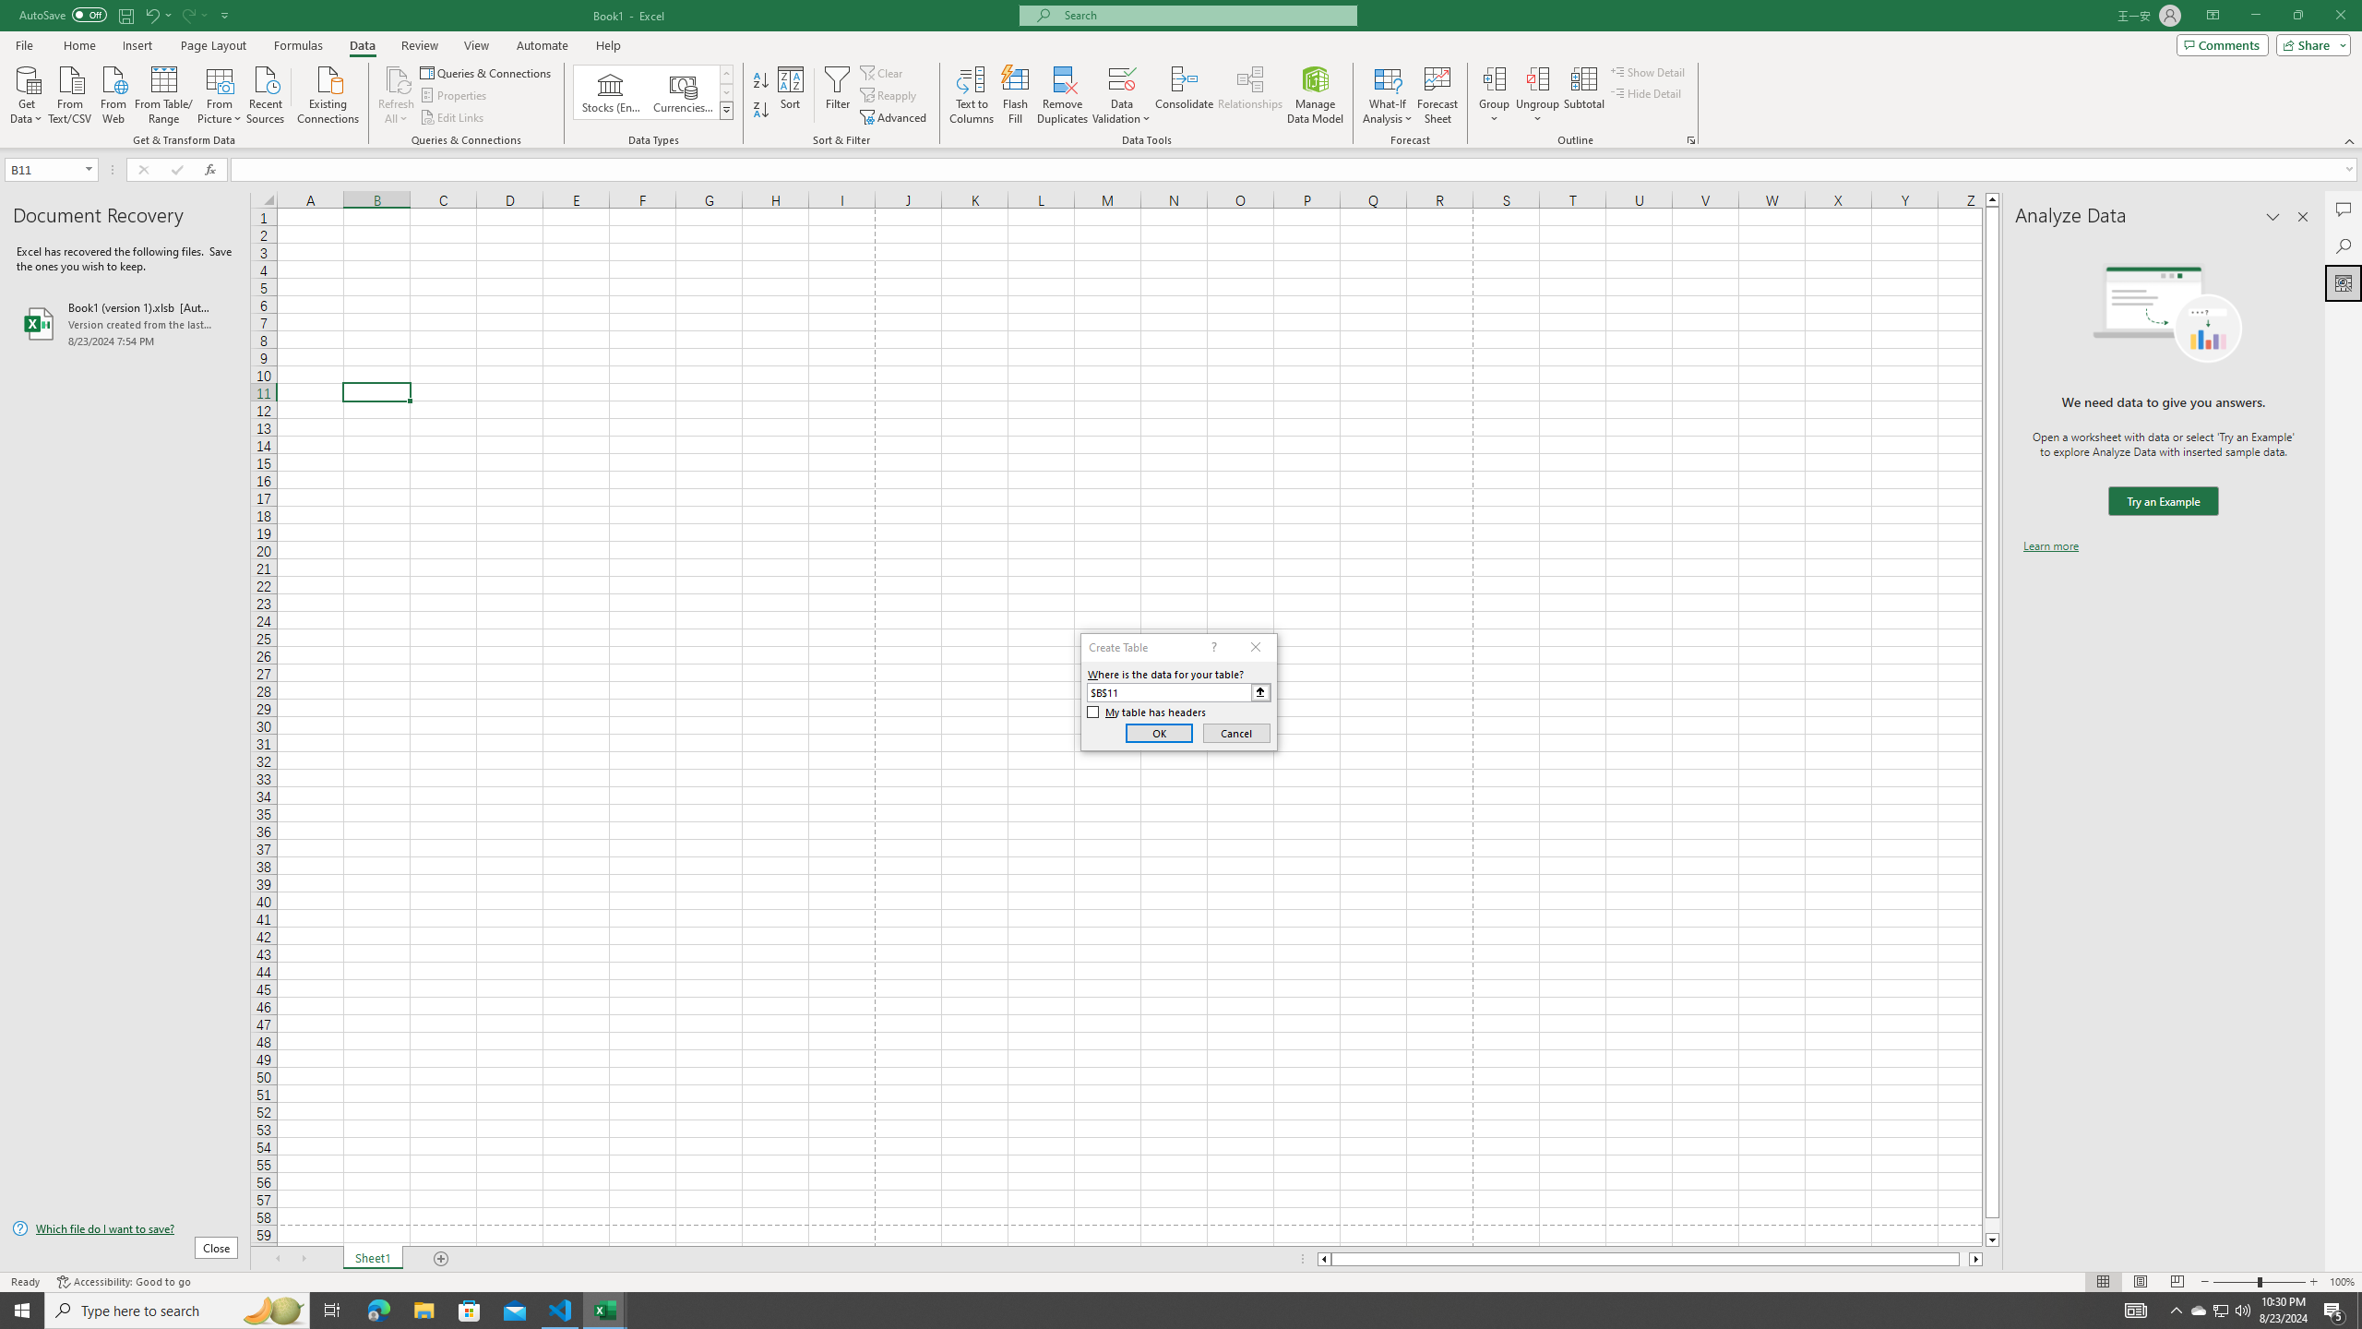  I want to click on 'From Picture', so click(221, 92).